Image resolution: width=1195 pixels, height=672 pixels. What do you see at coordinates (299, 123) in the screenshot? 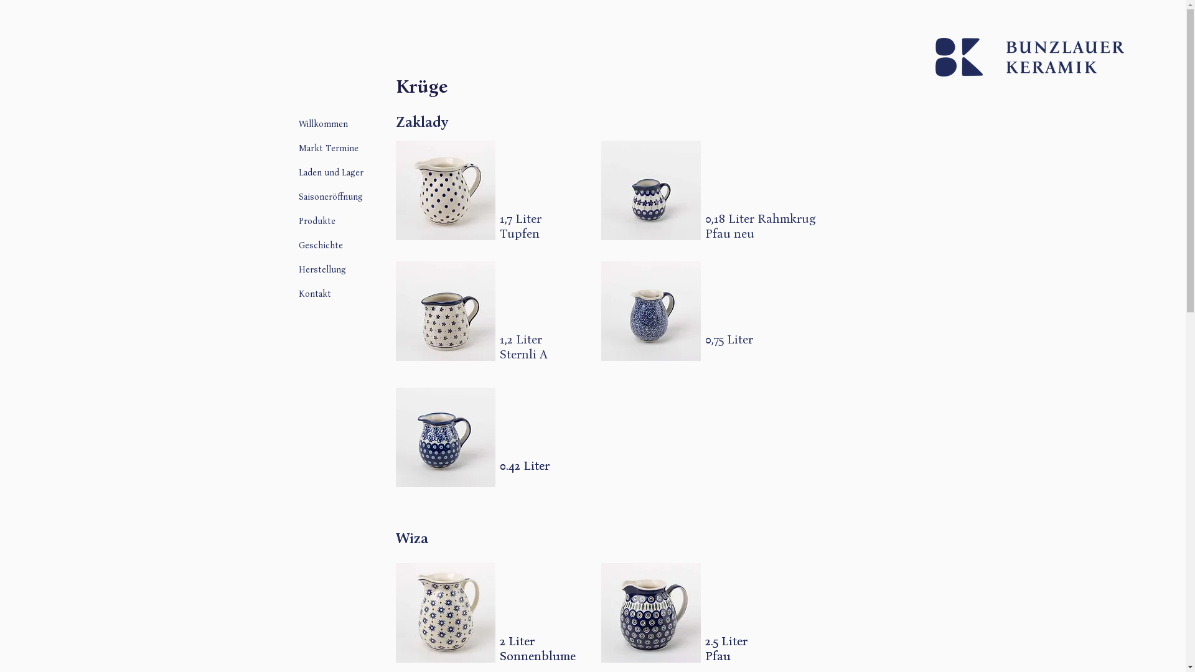
I see `'Willkommen'` at bounding box center [299, 123].